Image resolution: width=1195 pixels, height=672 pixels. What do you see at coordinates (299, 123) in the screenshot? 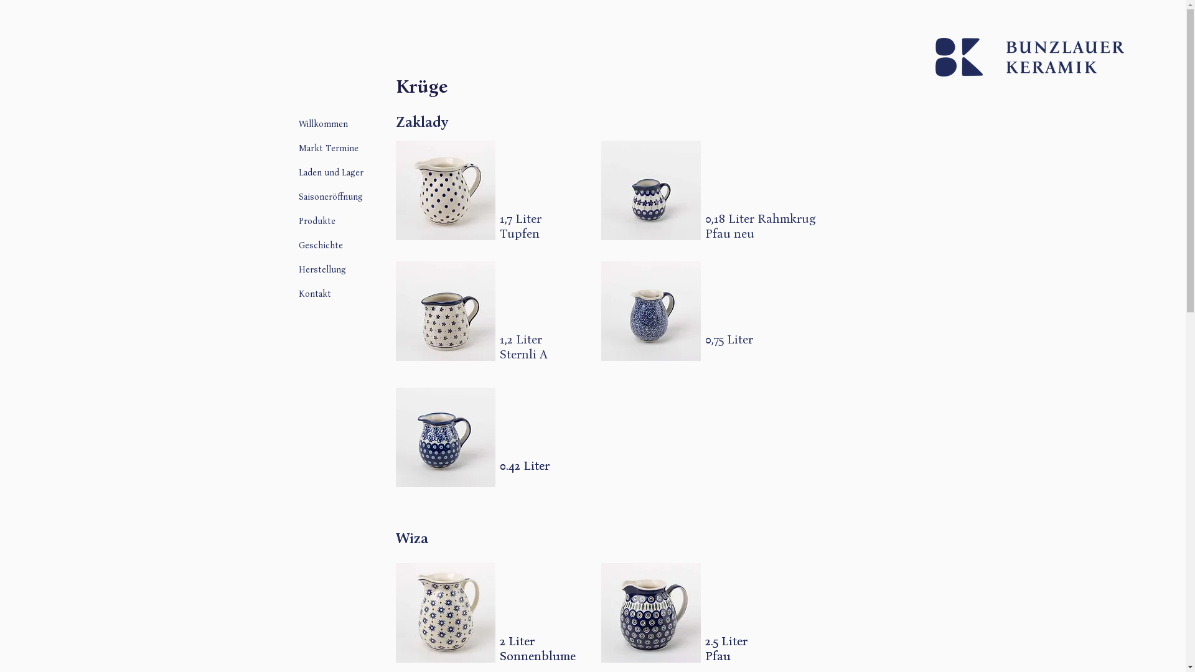
I see `'Willkommen'` at bounding box center [299, 123].